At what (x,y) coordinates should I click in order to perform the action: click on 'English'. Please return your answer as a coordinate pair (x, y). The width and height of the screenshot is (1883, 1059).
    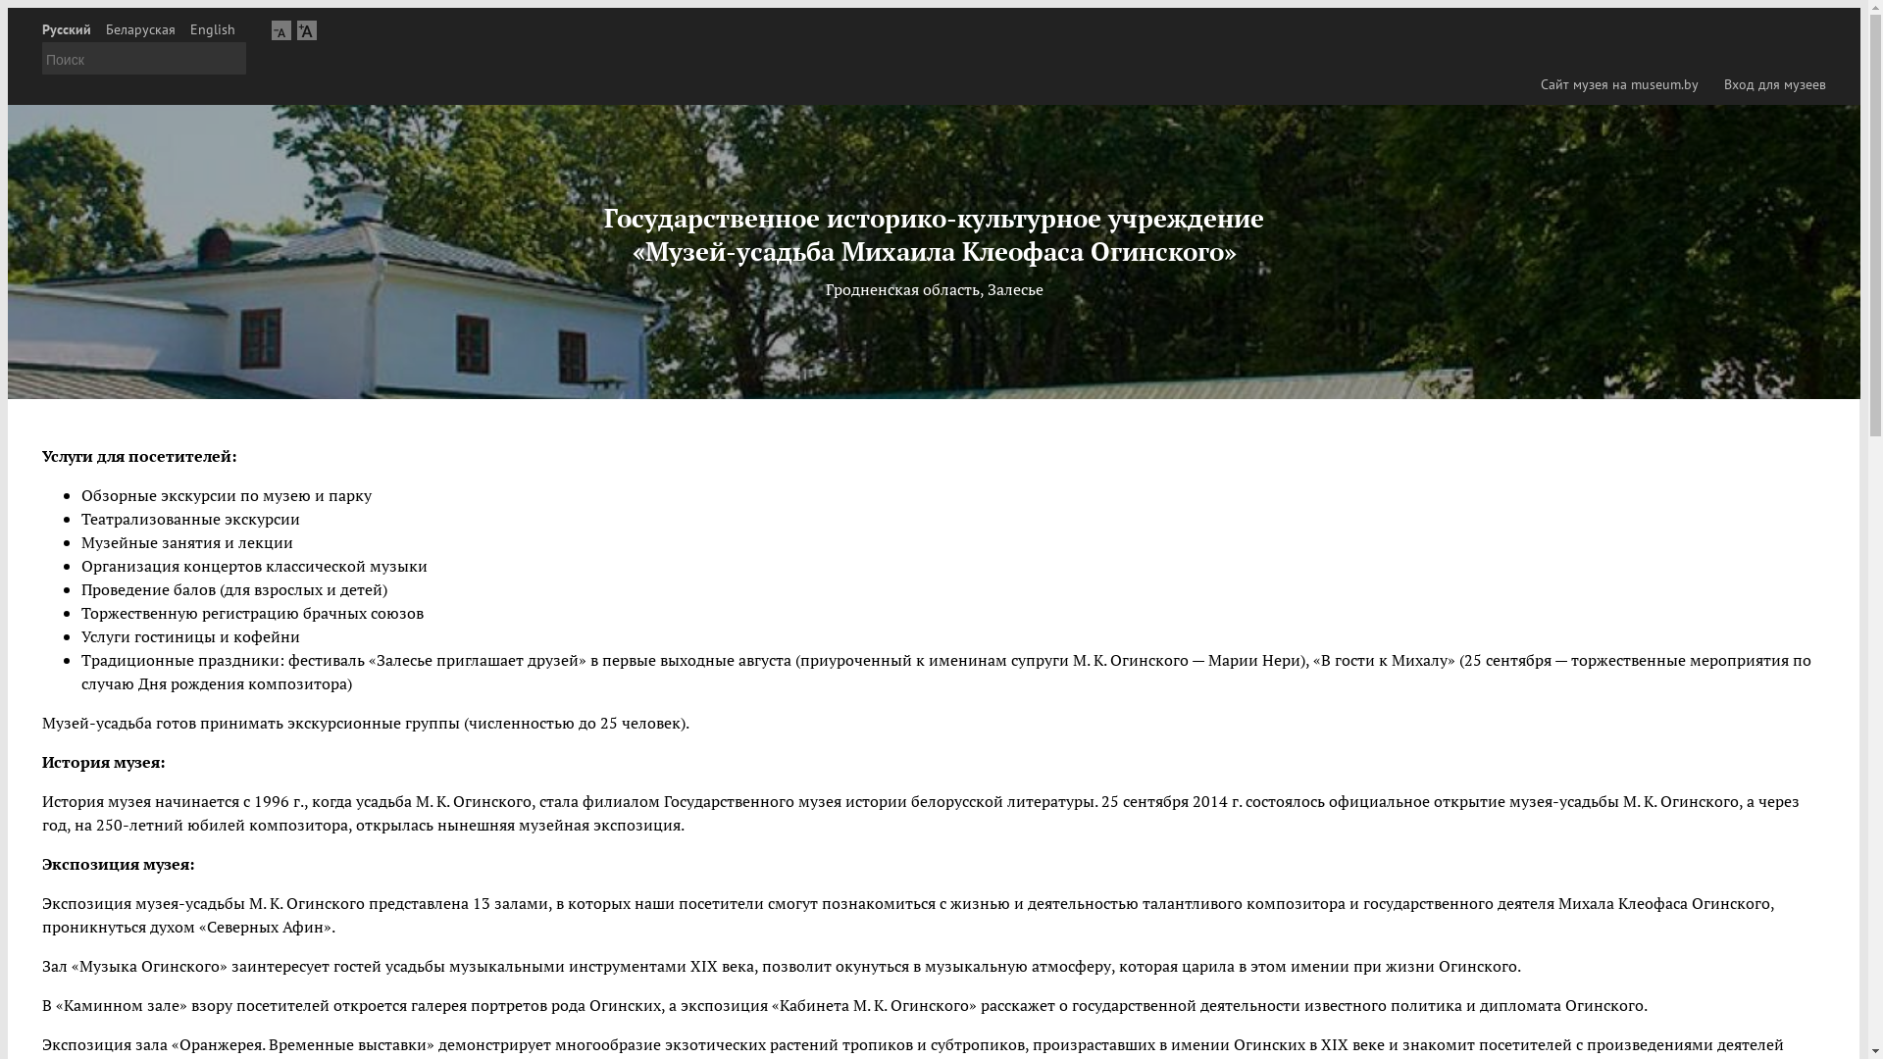
    Looking at the image, I should click on (212, 29).